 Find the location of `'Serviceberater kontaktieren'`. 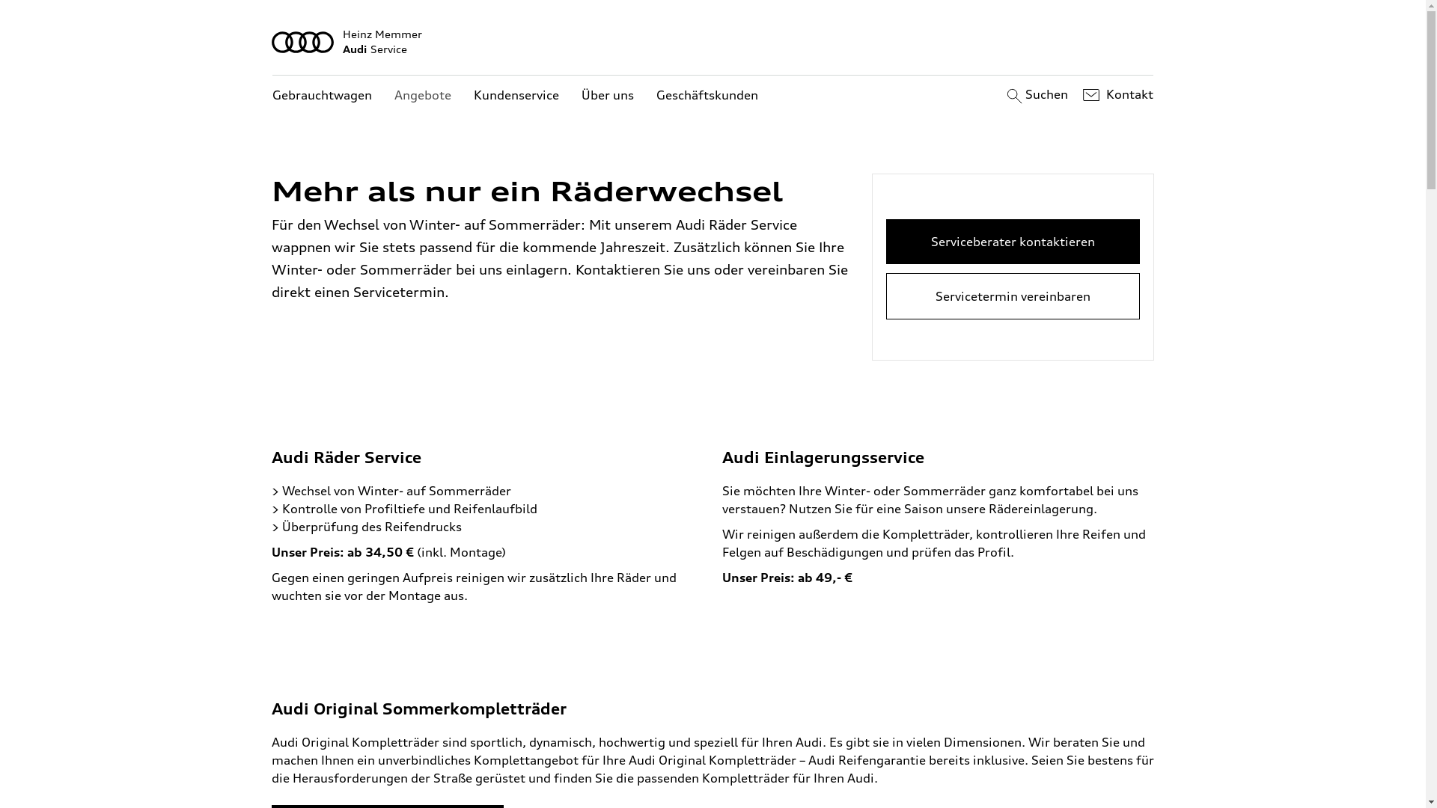

'Serviceberater kontaktieren' is located at coordinates (1013, 241).